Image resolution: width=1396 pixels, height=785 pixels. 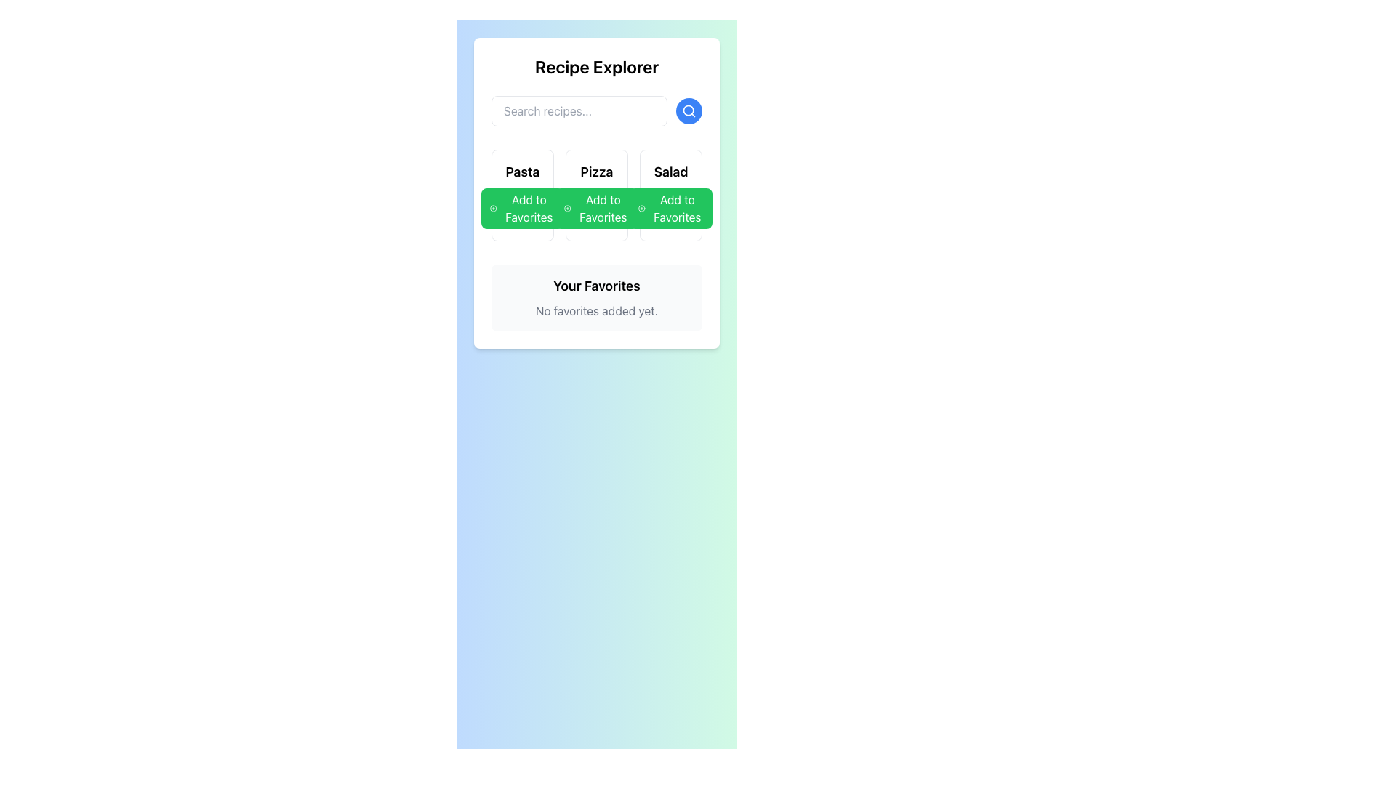 I want to click on the static text displaying 'No favorites added yet.' which is styled in muted gray, located beneath the heading 'Your Favorites', so click(x=596, y=310).